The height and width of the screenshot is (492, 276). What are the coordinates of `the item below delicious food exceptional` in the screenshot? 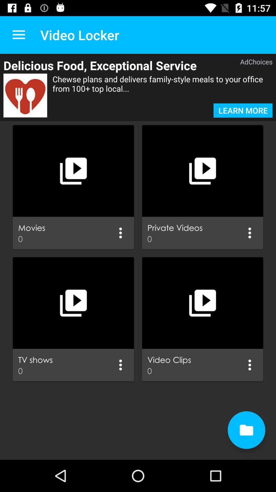 It's located at (163, 88).